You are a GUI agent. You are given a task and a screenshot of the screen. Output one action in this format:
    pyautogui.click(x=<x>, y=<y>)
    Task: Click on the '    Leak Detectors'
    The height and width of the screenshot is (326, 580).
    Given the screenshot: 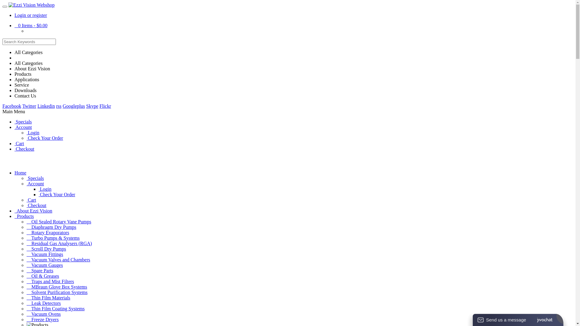 What is the action you would take?
    pyautogui.click(x=43, y=303)
    